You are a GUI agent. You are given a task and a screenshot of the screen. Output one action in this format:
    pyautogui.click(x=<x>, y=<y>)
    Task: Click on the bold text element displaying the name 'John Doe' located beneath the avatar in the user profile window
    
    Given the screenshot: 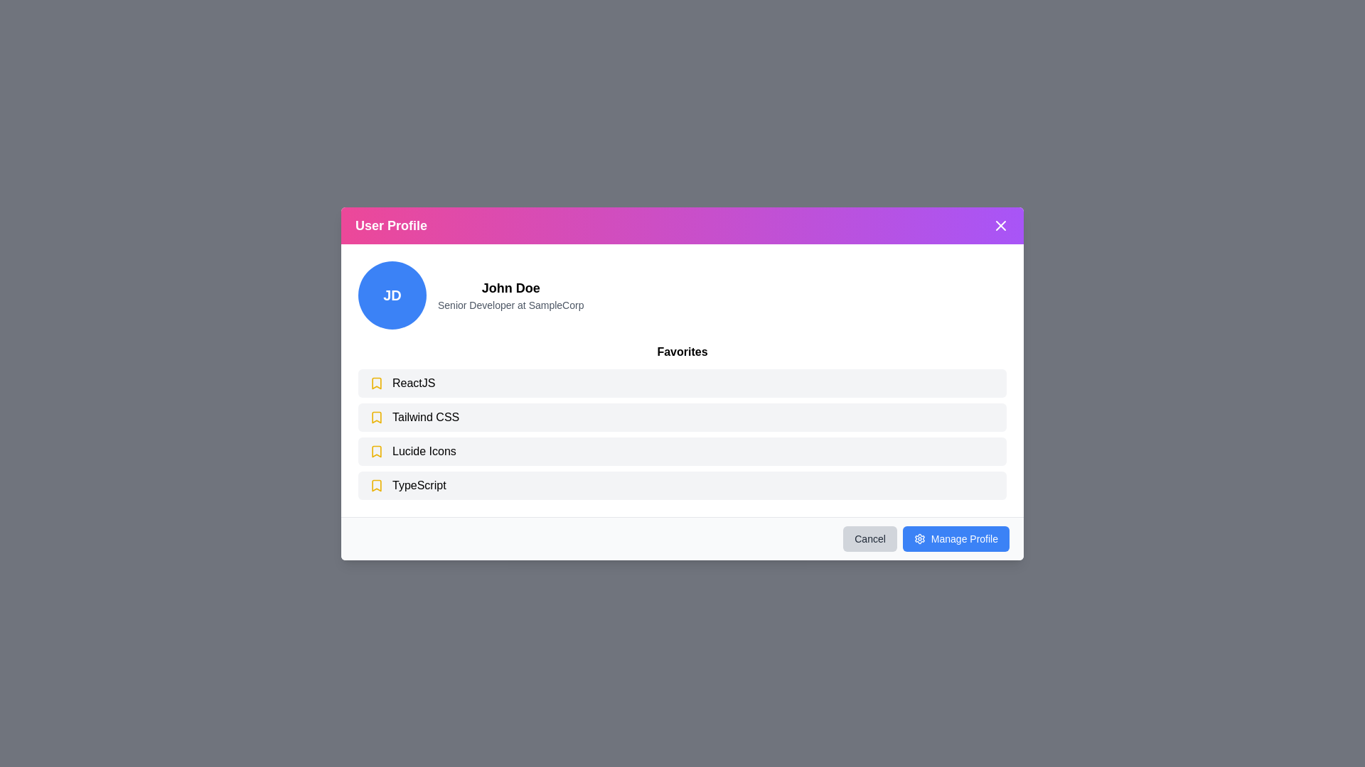 What is the action you would take?
    pyautogui.click(x=510, y=288)
    